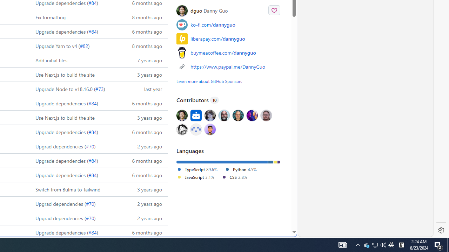 Image resolution: width=449 pixels, height=252 pixels. I want to click on '@sy-records', so click(182, 129).